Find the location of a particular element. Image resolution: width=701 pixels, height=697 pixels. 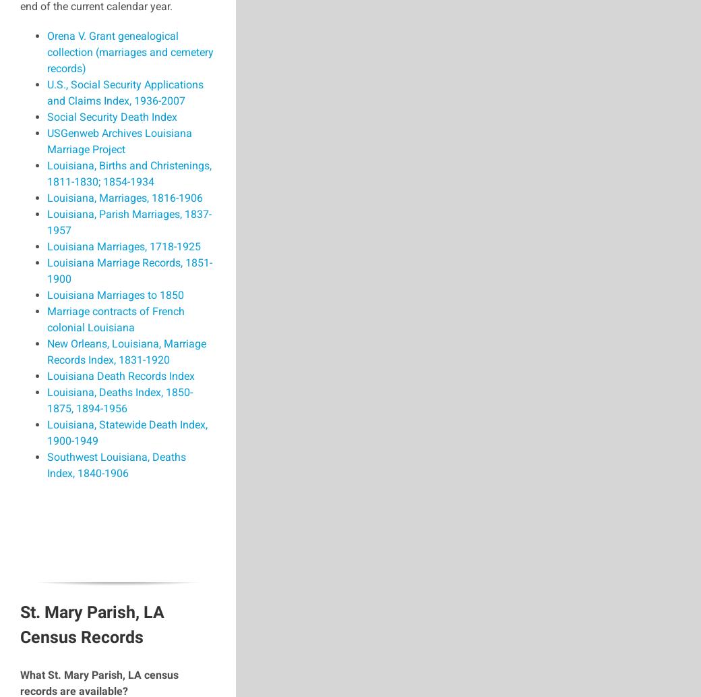

'Louisiana Death Records Index' is located at coordinates (46, 375).